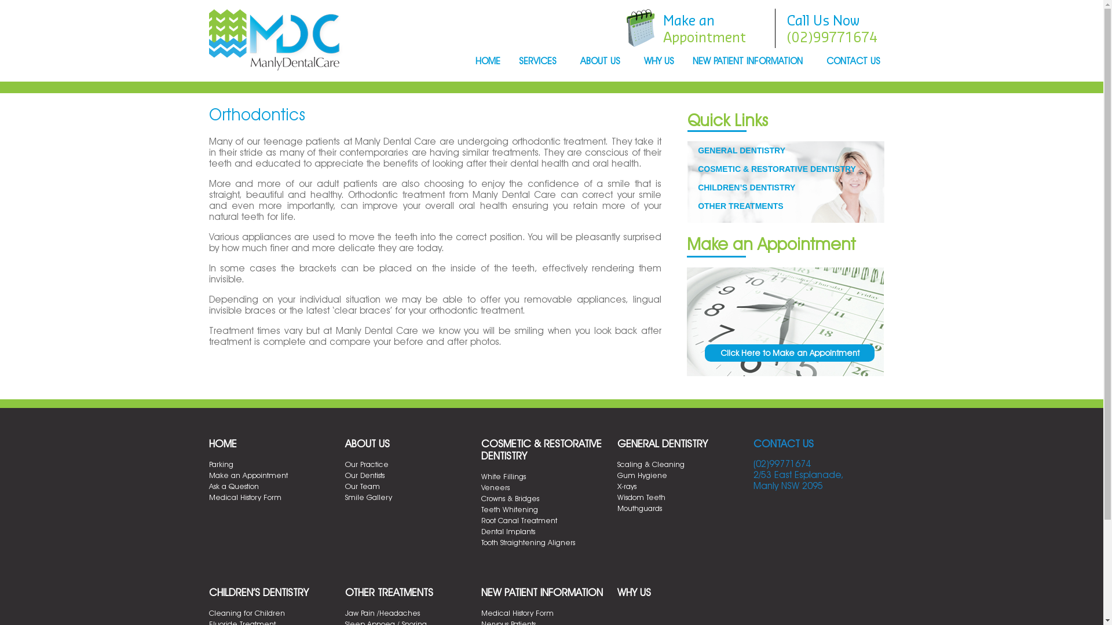 The width and height of the screenshot is (1112, 625). What do you see at coordinates (364, 475) in the screenshot?
I see `'Our Dentists'` at bounding box center [364, 475].